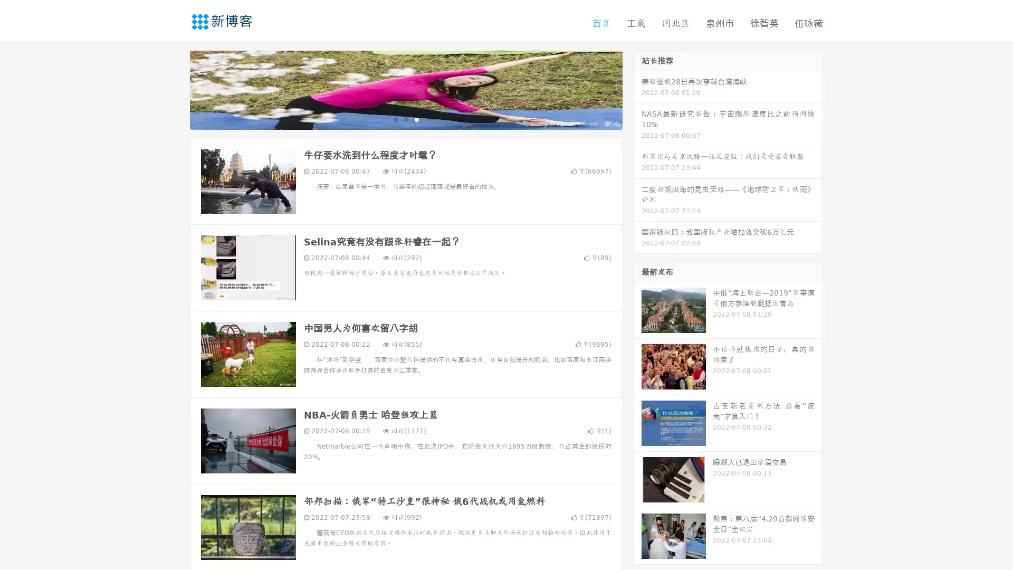  What do you see at coordinates (405, 119) in the screenshot?
I see `Go to slide 2` at bounding box center [405, 119].